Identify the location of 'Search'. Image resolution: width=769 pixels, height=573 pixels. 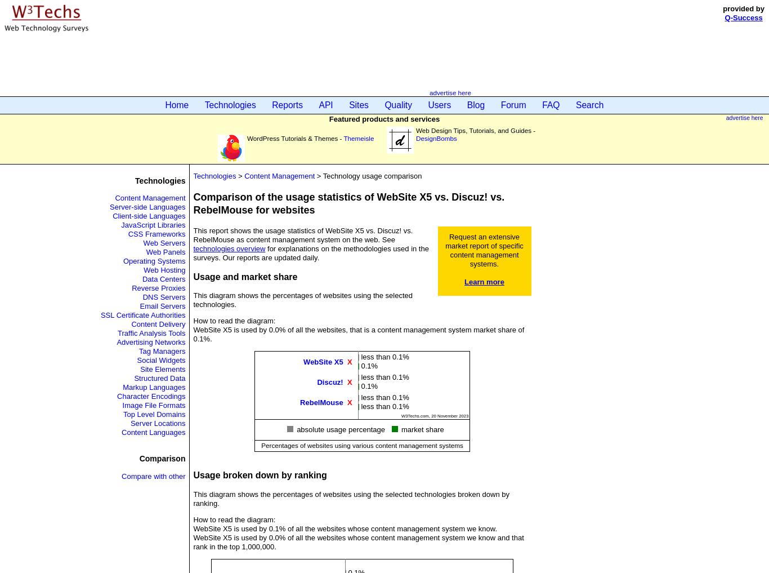
(589, 105).